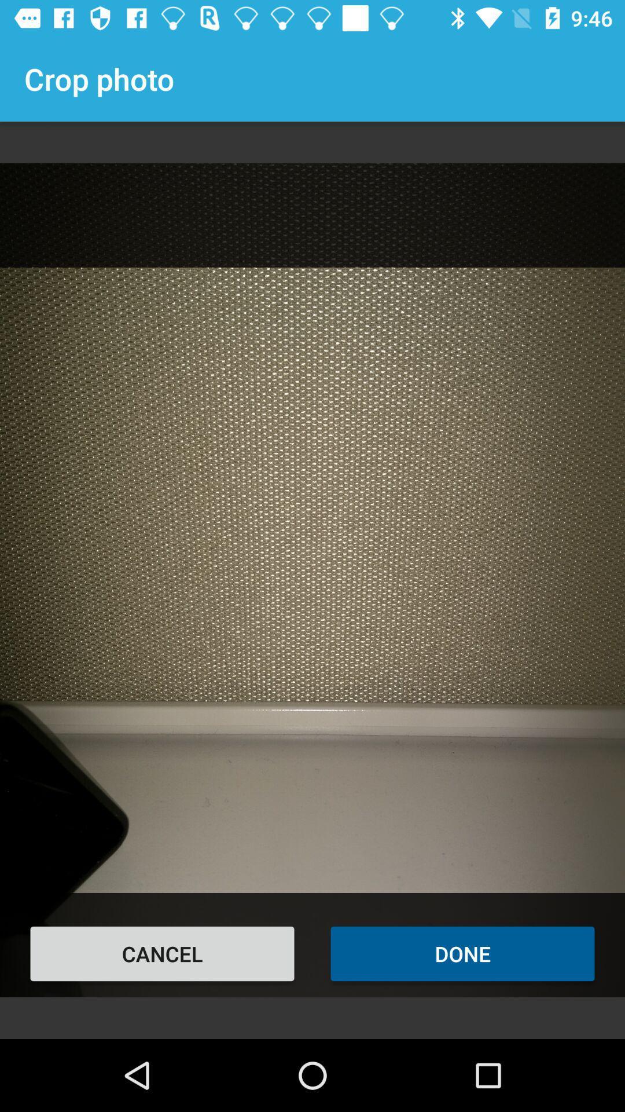  Describe the element at coordinates (162, 953) in the screenshot. I see `icon to the left of done item` at that location.